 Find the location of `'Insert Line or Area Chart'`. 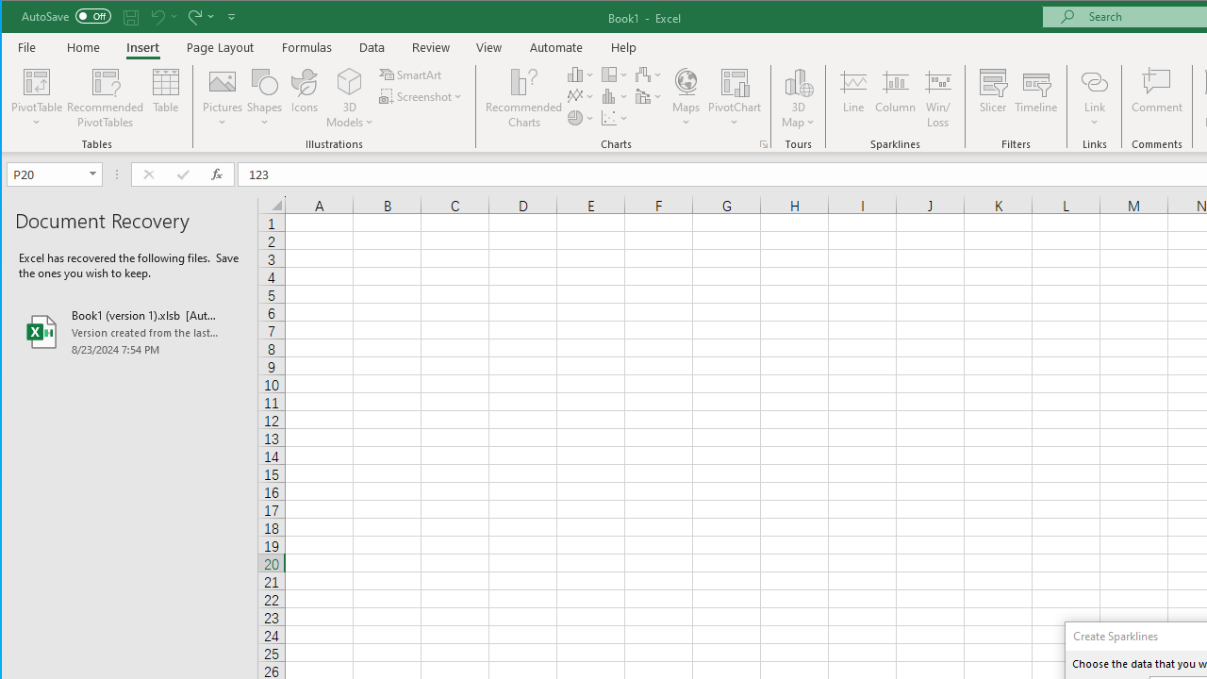

'Insert Line or Area Chart' is located at coordinates (580, 96).